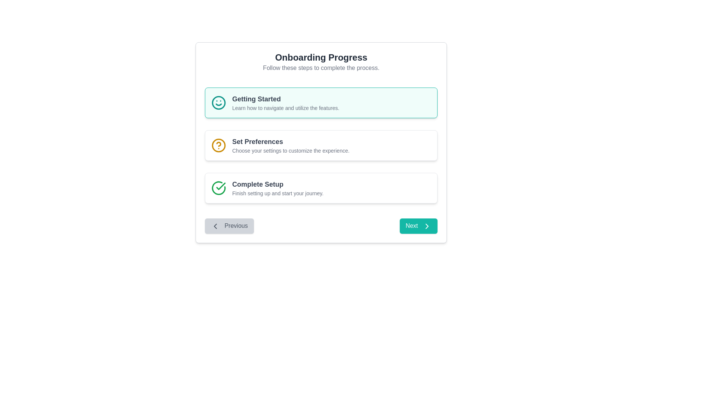  I want to click on the right arrow icon within the 'Next' button, which indicates a forward navigation action, so click(427, 226).